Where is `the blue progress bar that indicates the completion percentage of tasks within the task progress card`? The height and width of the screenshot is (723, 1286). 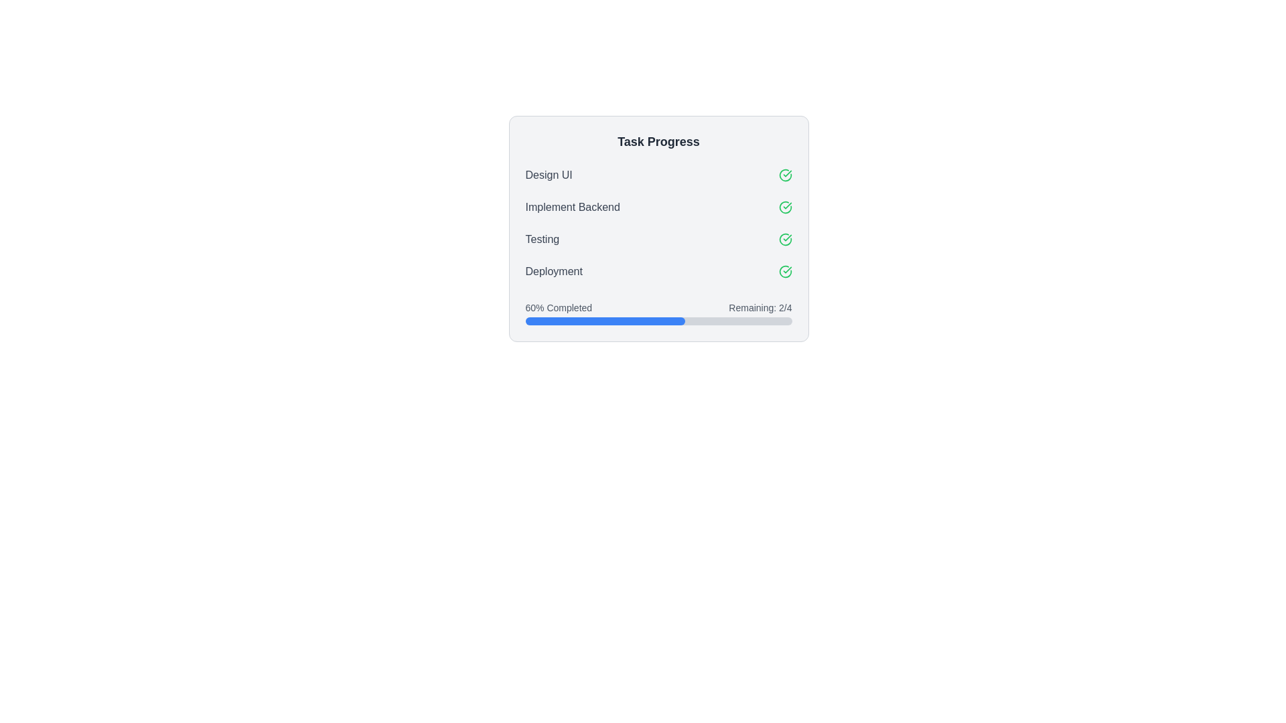
the blue progress bar that indicates the completion percentage of tasks within the task progress card is located at coordinates (604, 321).